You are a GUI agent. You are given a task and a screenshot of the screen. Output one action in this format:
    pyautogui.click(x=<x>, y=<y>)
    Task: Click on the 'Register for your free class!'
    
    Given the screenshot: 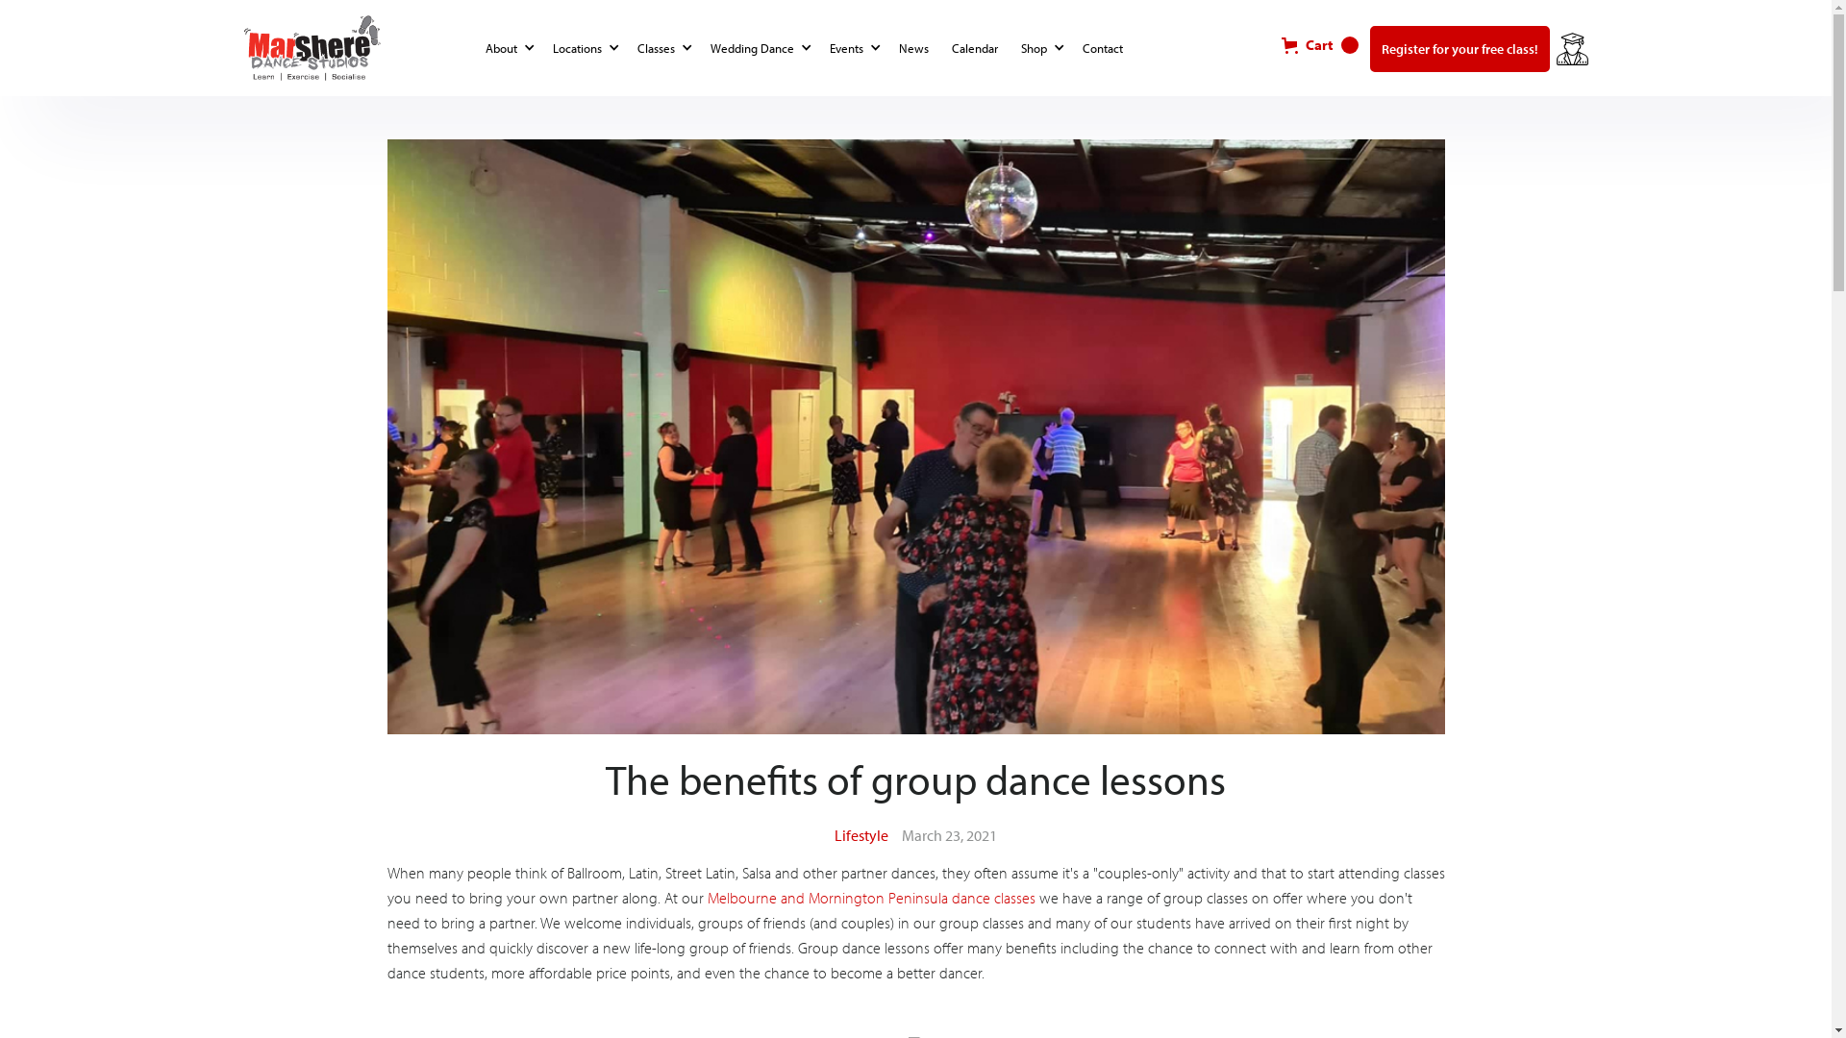 What is the action you would take?
    pyautogui.click(x=1459, y=47)
    